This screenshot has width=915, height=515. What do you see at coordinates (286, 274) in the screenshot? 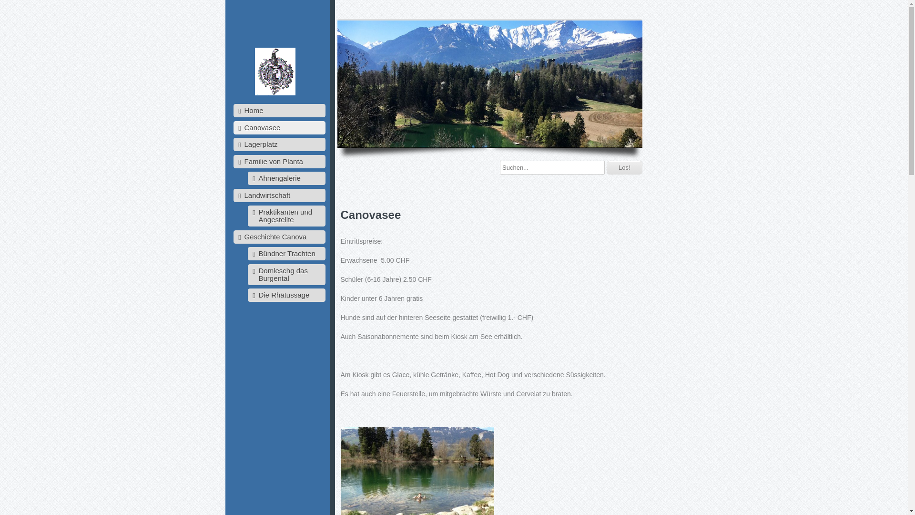
I see `'Domleschg das Burgental'` at bounding box center [286, 274].